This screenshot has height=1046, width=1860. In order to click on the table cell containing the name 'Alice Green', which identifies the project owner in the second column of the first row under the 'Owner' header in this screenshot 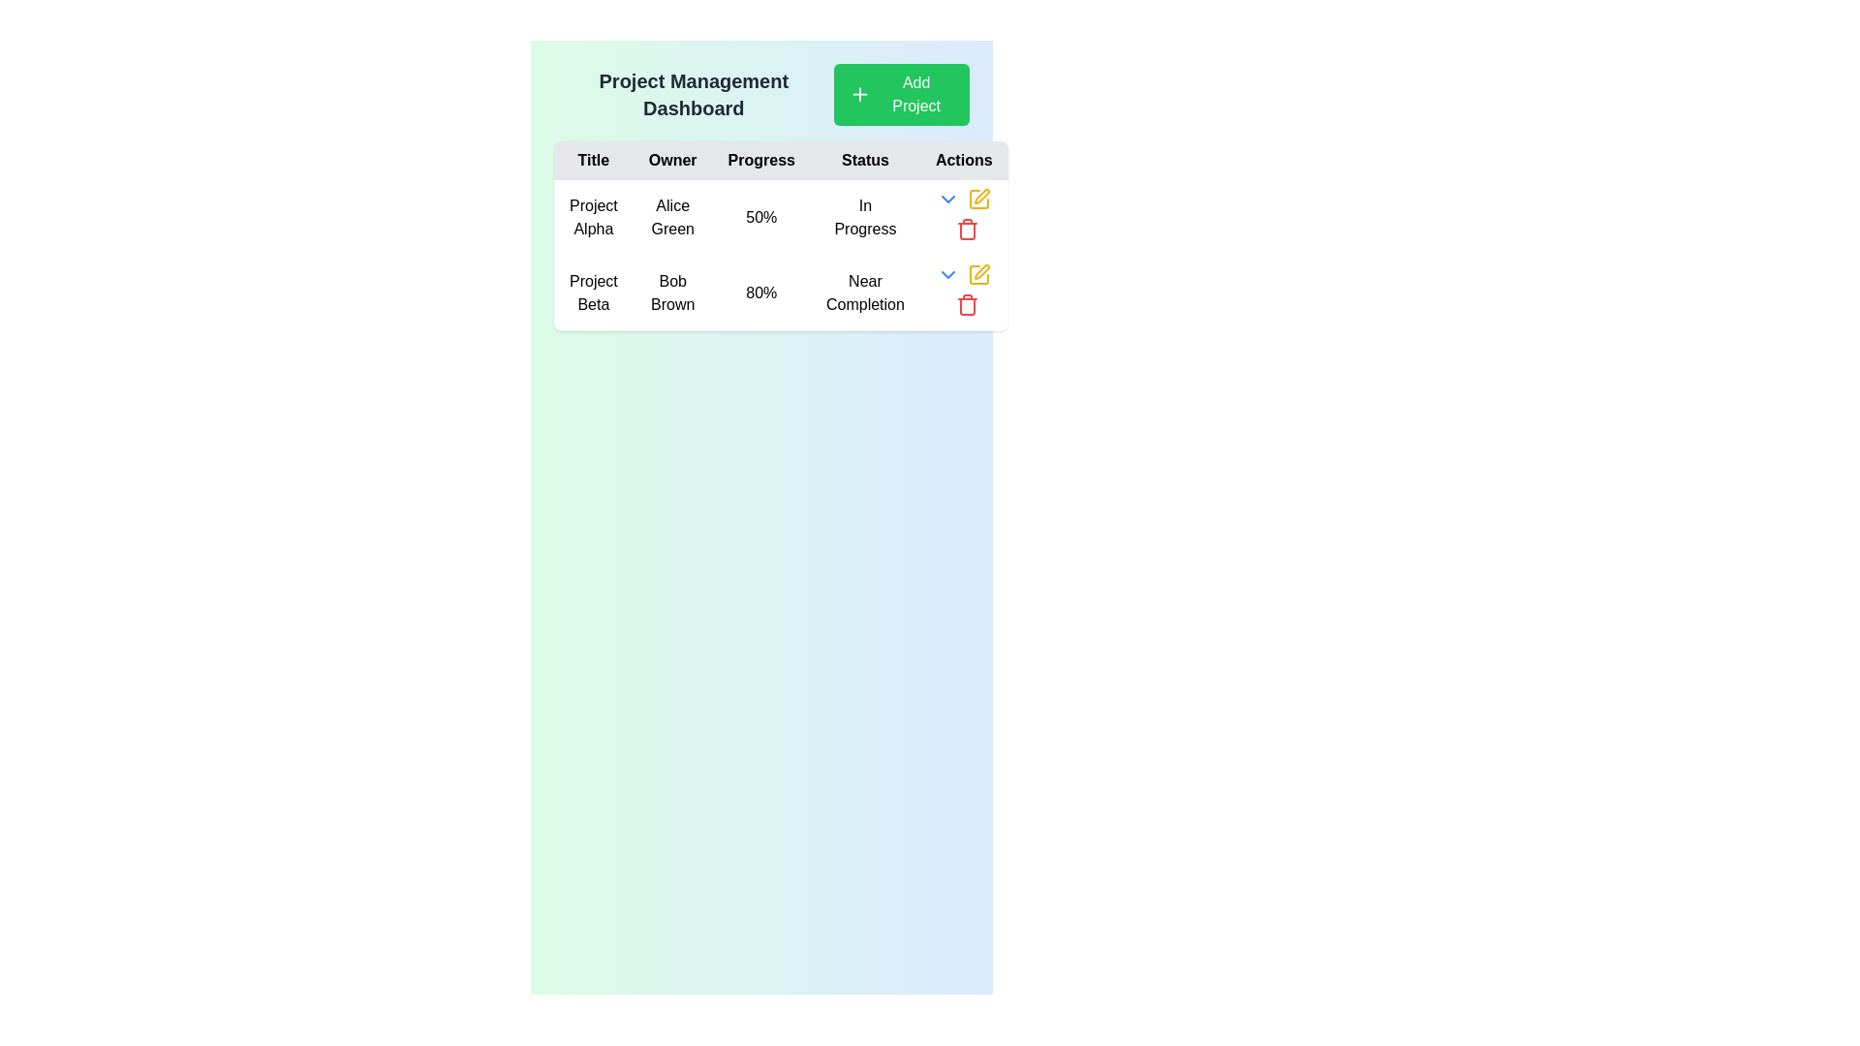, I will do `click(672, 217)`.